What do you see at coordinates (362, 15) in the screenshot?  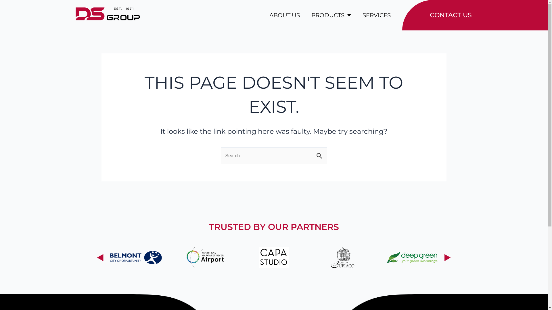 I see `'SERVICES'` at bounding box center [362, 15].